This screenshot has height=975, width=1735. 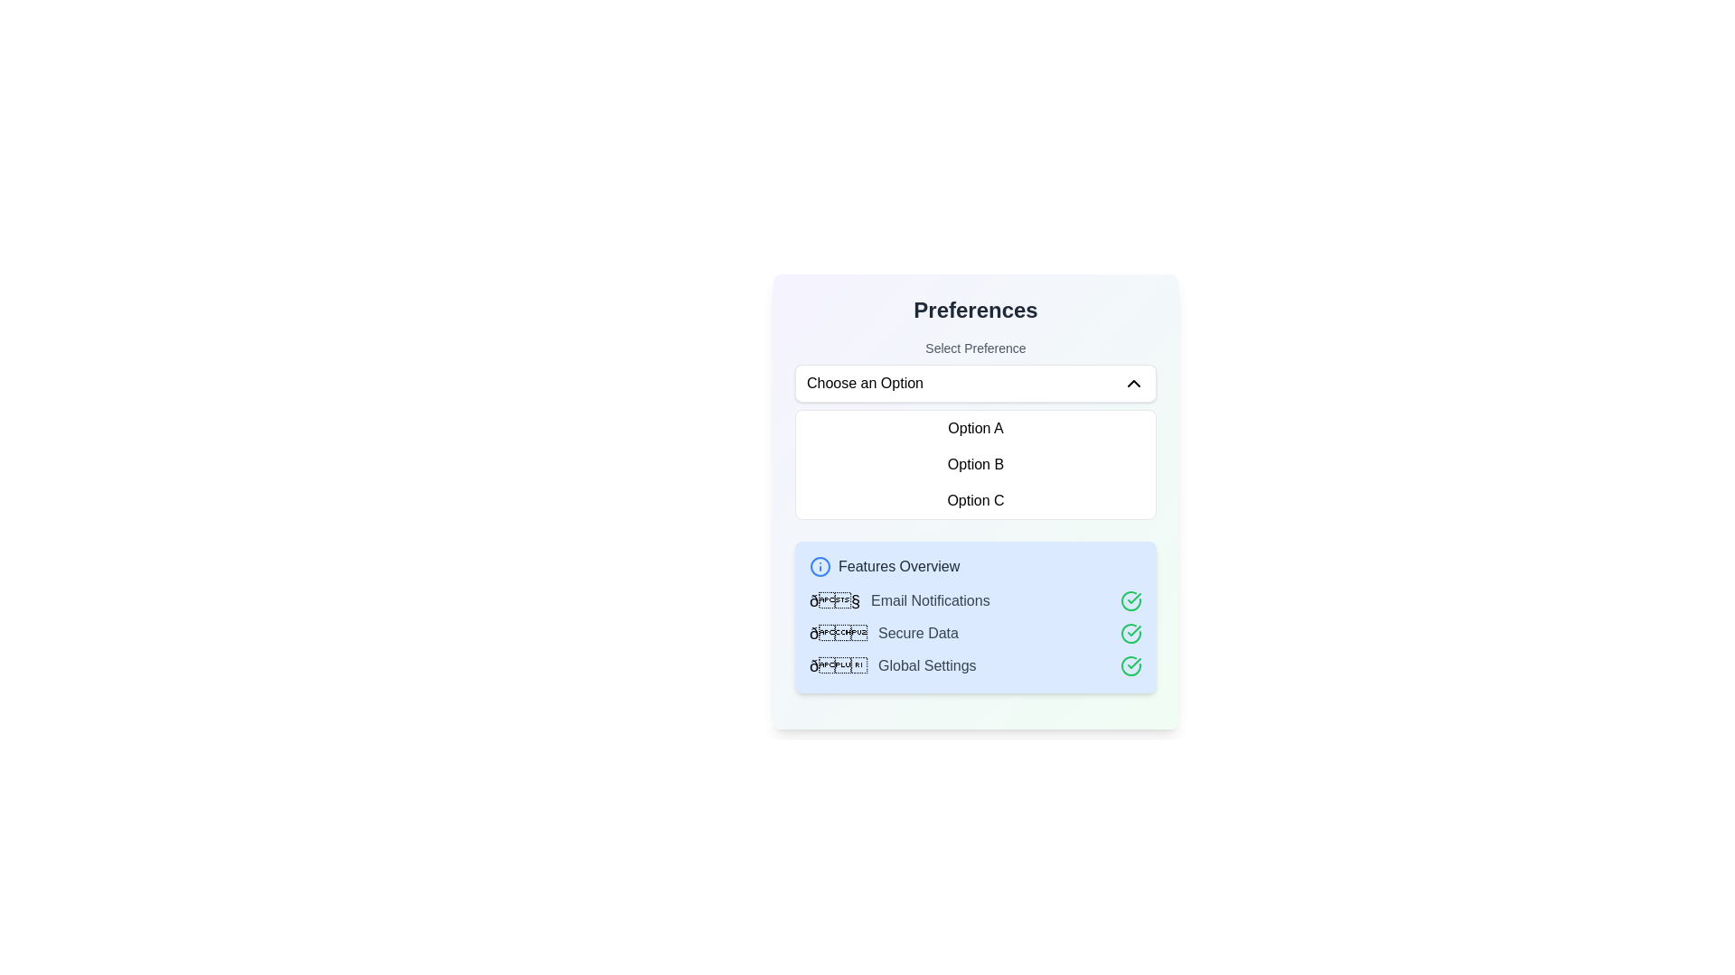 I want to click on the modal dialog box that displays user preferences and feature information, so click(x=975, y=501).